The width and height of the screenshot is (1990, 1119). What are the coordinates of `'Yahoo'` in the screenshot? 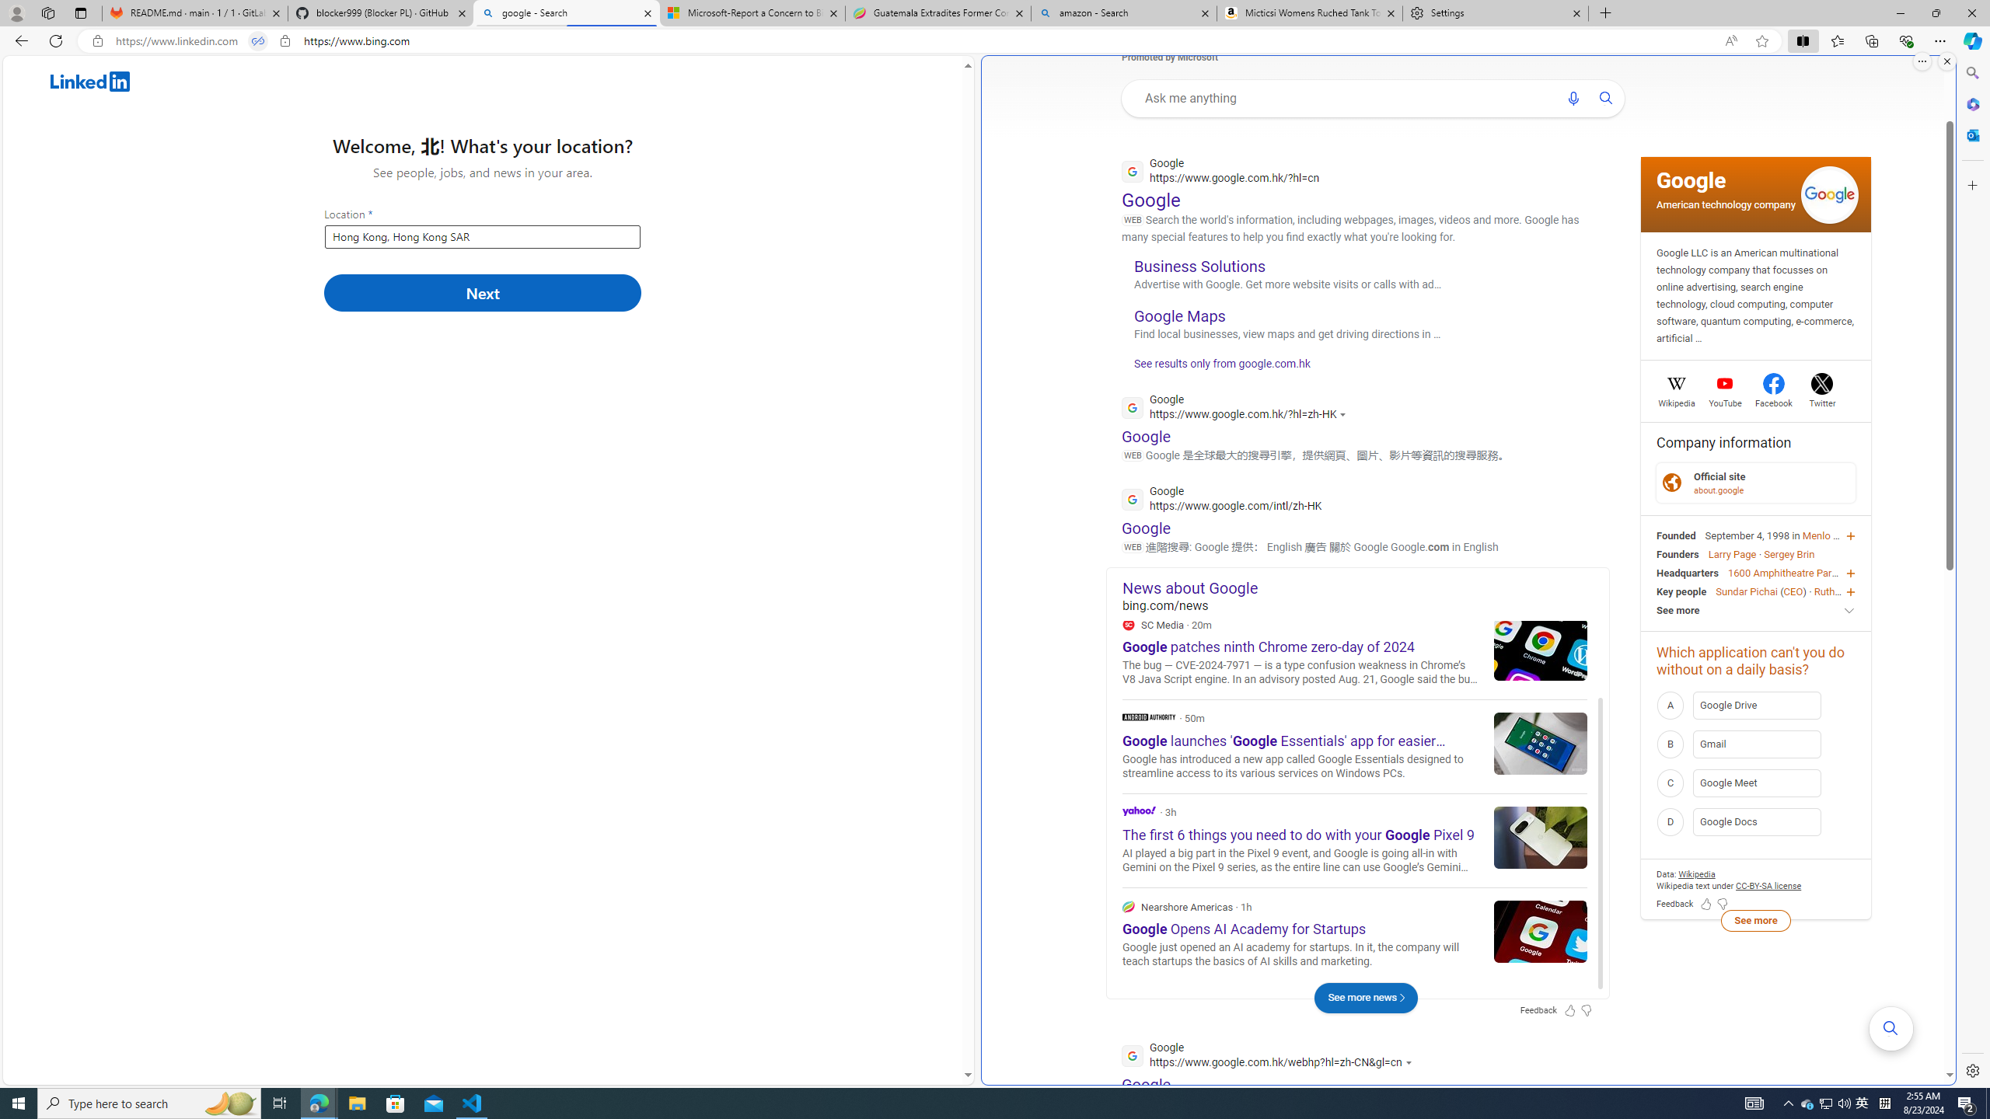 It's located at (1138, 810).